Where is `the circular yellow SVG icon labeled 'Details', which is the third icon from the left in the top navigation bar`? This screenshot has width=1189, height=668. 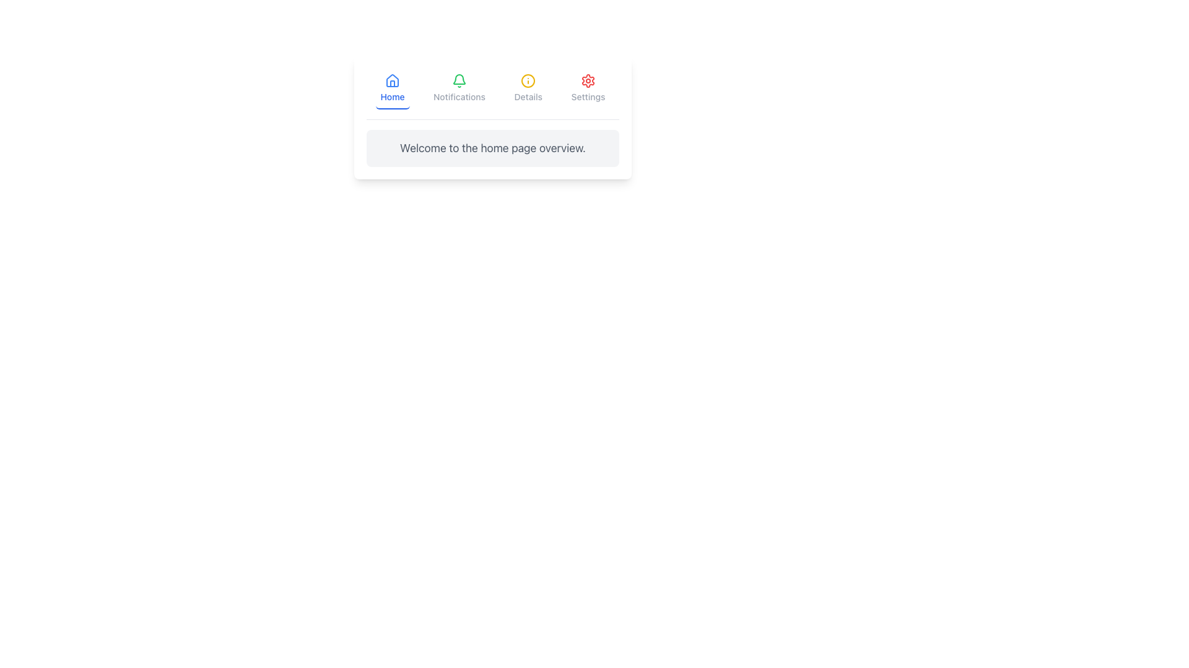
the circular yellow SVG icon labeled 'Details', which is the third icon from the left in the top navigation bar is located at coordinates (528, 81).